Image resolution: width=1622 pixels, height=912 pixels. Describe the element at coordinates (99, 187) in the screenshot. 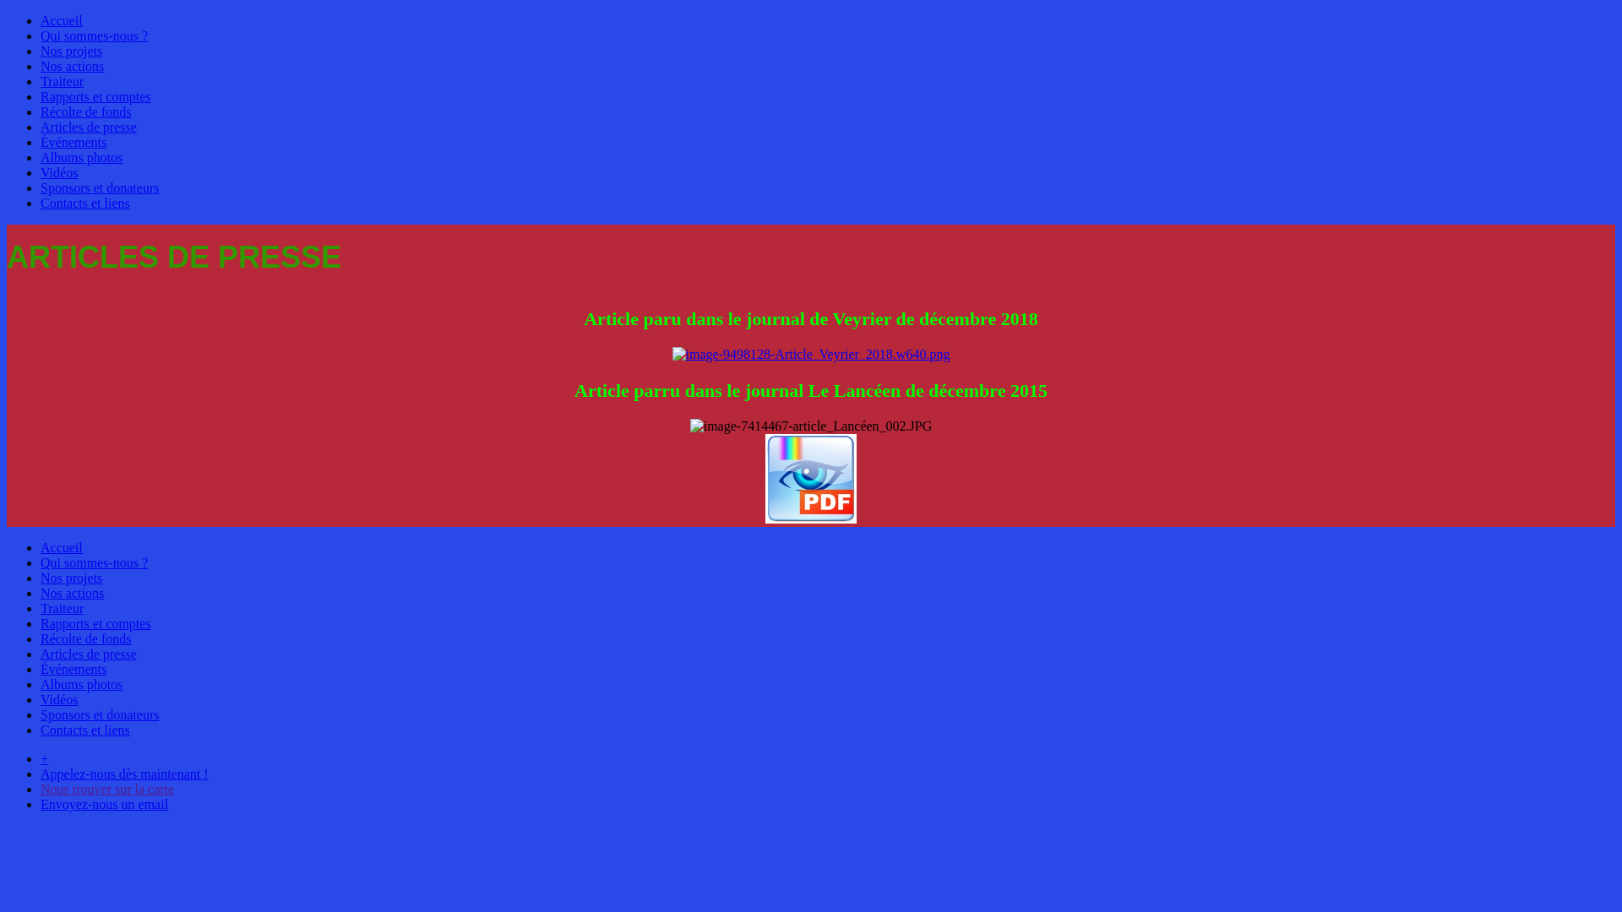

I see `'Sponsors et donateurs'` at that location.